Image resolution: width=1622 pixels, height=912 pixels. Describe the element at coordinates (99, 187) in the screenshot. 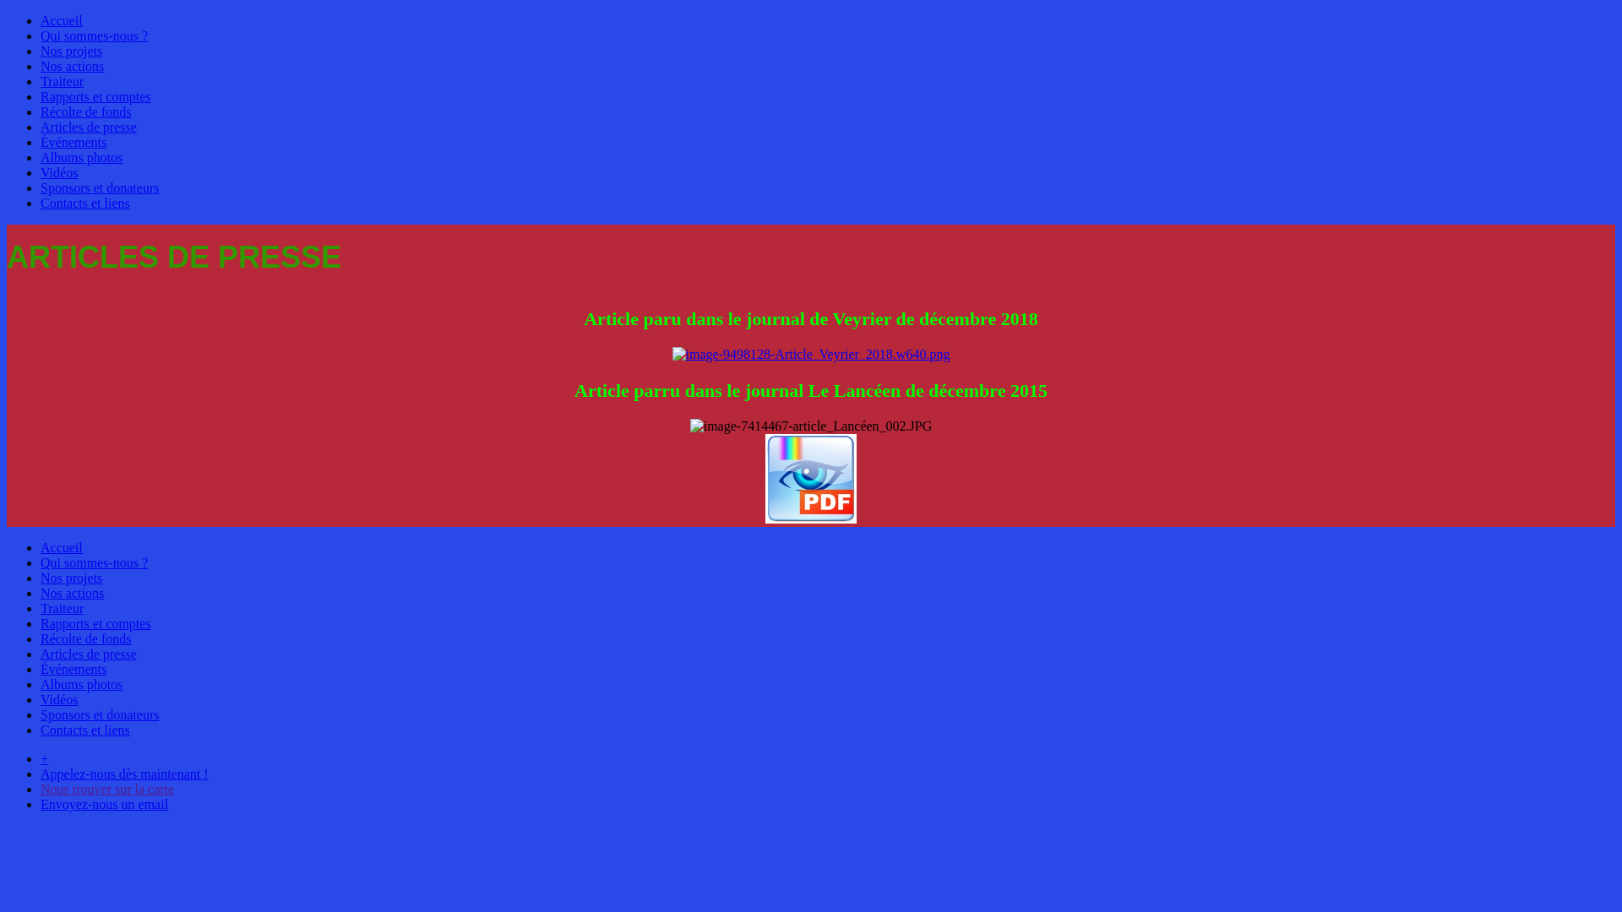

I see `'Sponsors et donateurs'` at that location.